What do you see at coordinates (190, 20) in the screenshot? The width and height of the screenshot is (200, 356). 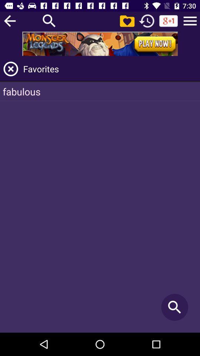 I see `the menu icon` at bounding box center [190, 20].